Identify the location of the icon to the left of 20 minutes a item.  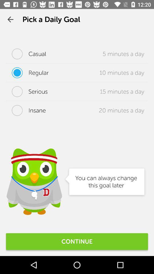
(25, 110).